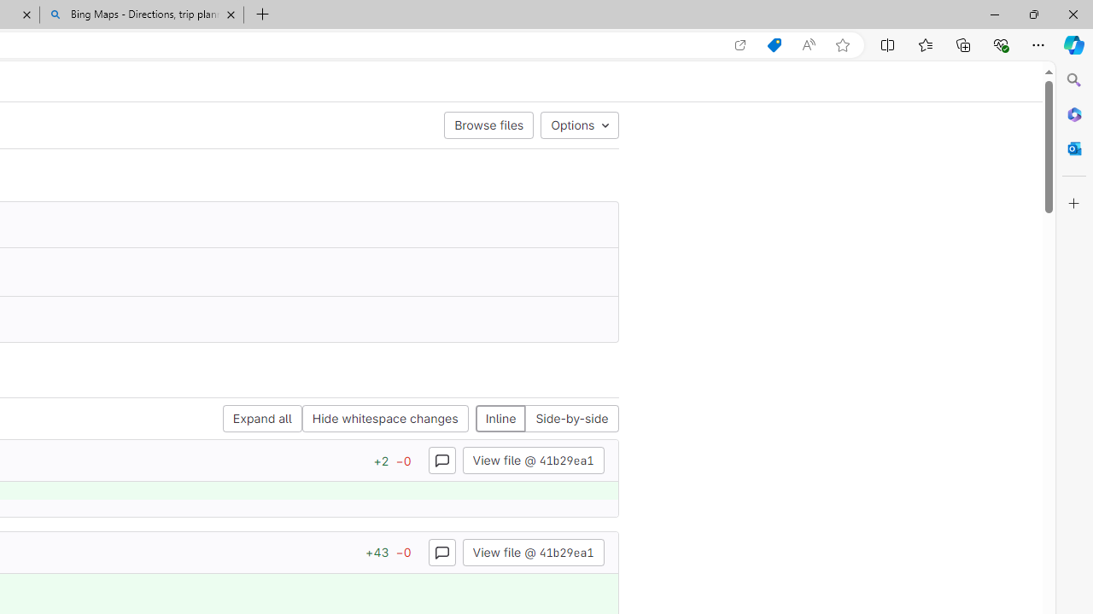 The image size is (1093, 614). I want to click on 'Hide whitespace changes', so click(384, 419).